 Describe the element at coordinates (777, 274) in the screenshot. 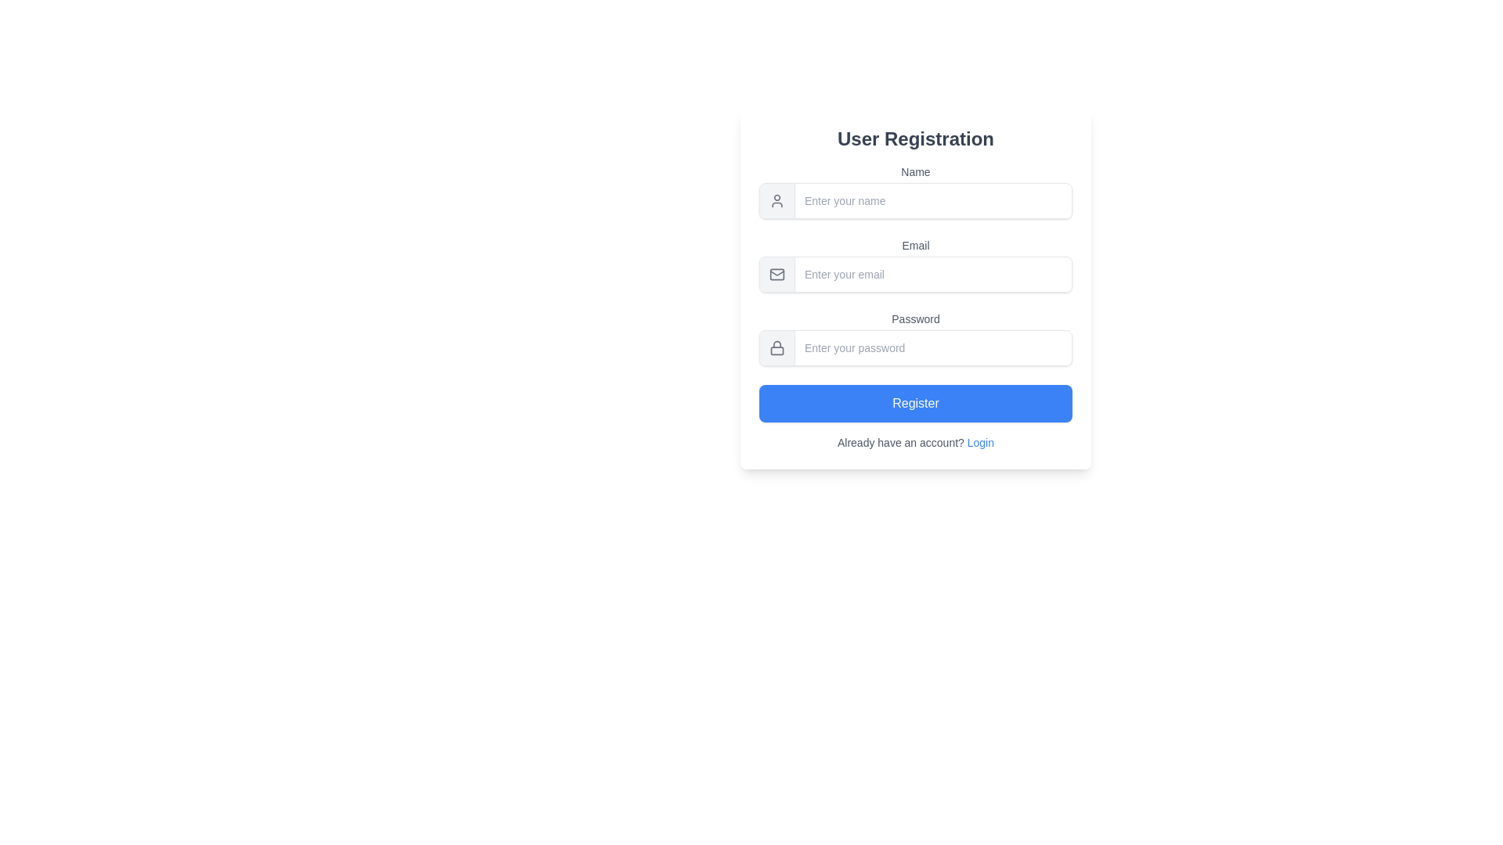

I see `the envelope icon located to the left of the 'Enter your email' text input field in the user registration form` at that location.